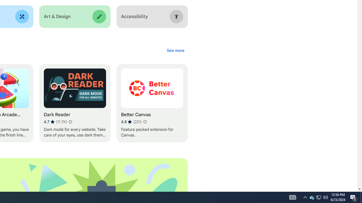 This screenshot has height=203, width=362. What do you see at coordinates (74, 103) in the screenshot?
I see `'Dark Reader'` at bounding box center [74, 103].